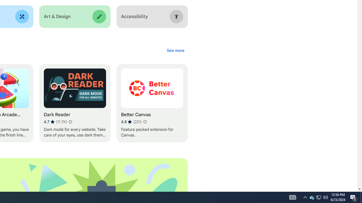 This screenshot has height=203, width=362. What do you see at coordinates (74, 103) in the screenshot?
I see `'Dark Reader'` at bounding box center [74, 103].